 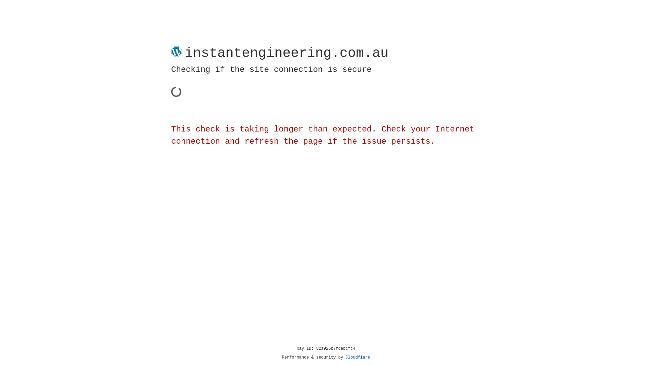 What do you see at coordinates (345, 357) in the screenshot?
I see `'Cloudflare'` at bounding box center [345, 357].